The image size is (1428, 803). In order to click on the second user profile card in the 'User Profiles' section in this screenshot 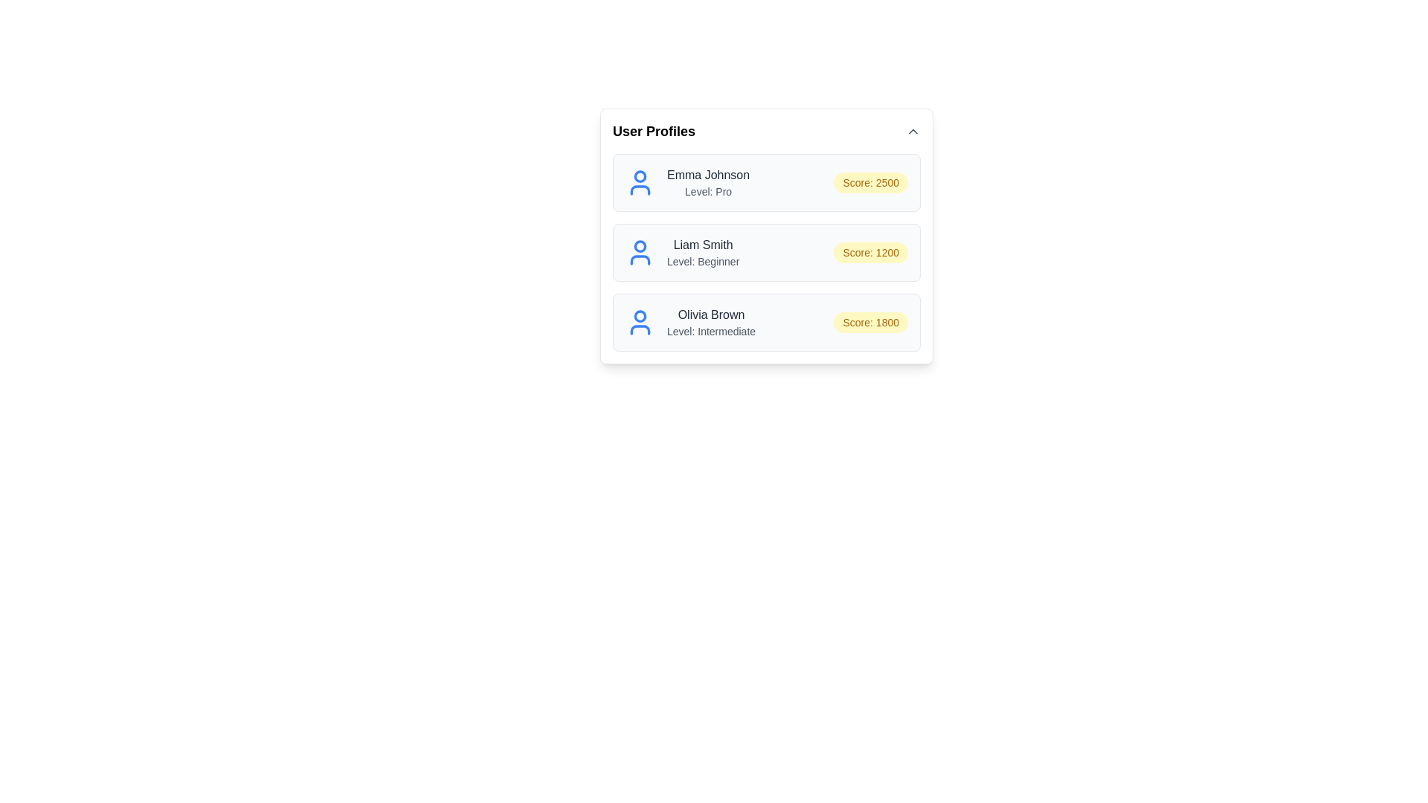, I will do `click(767, 251)`.